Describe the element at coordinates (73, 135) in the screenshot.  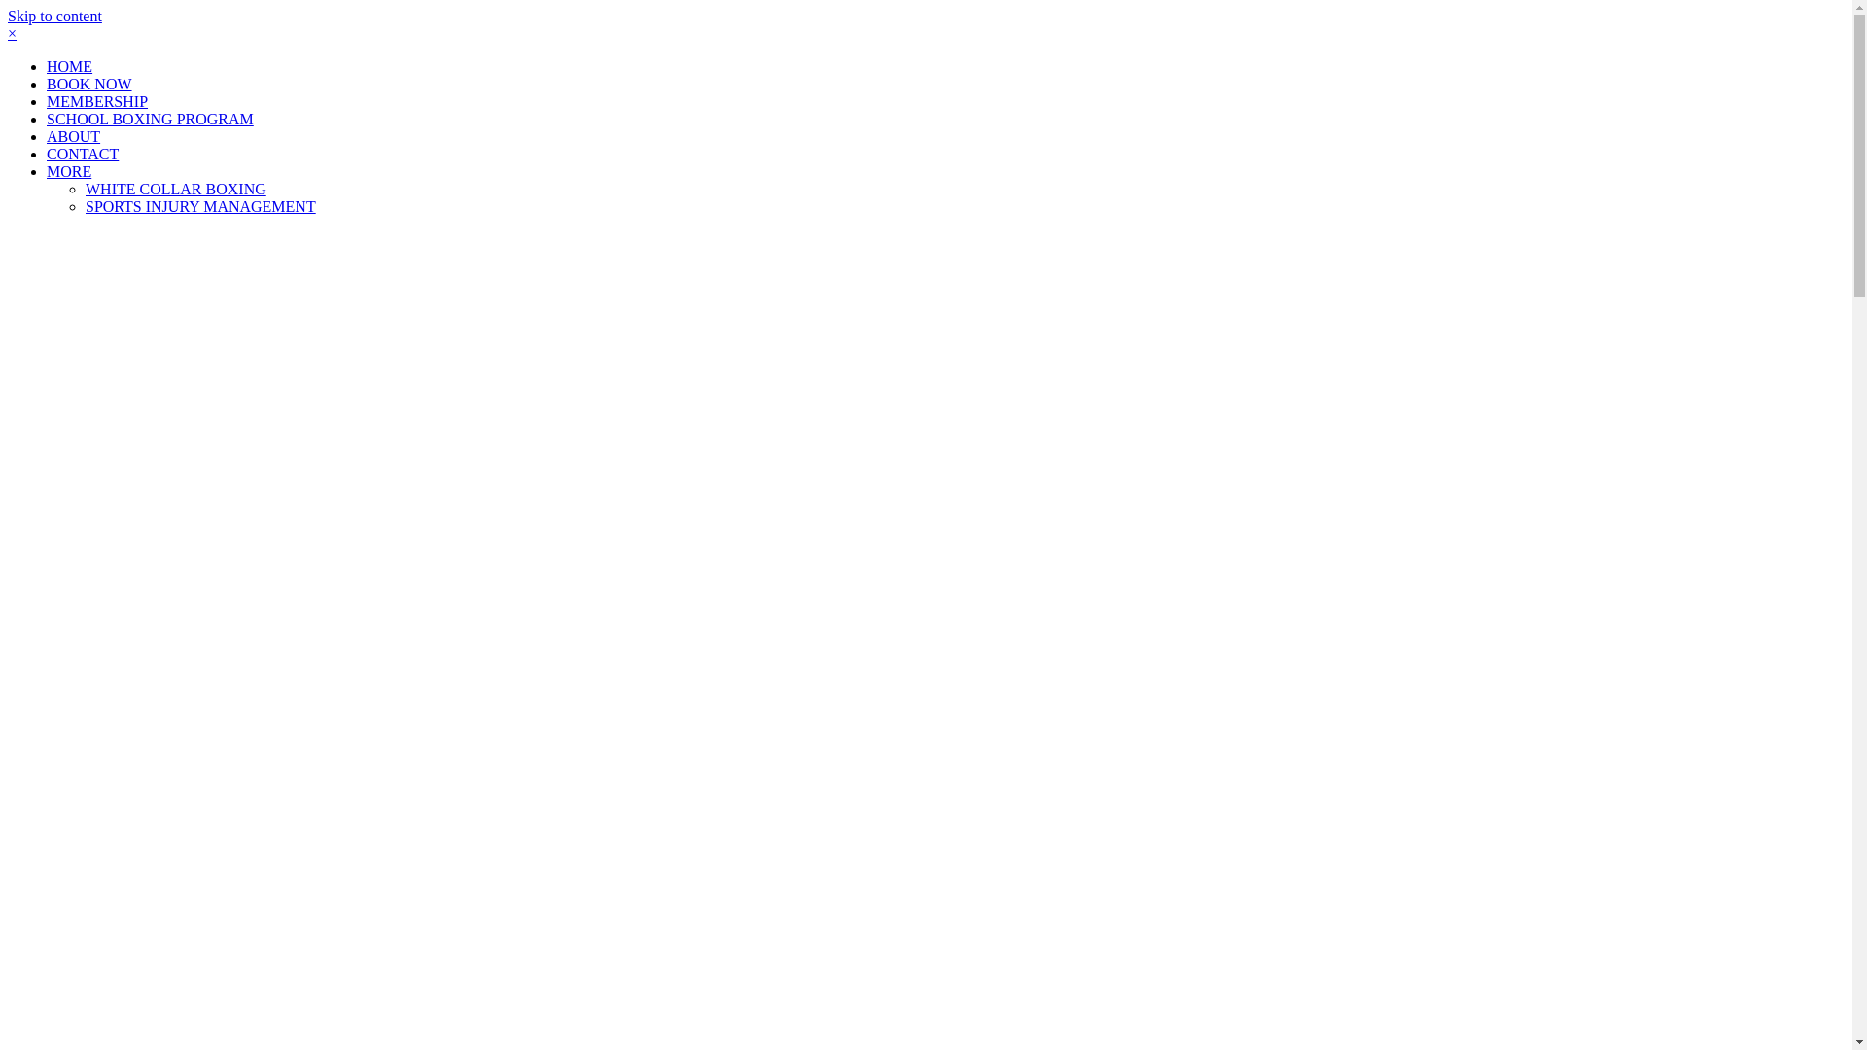
I see `'ABOUT'` at that location.